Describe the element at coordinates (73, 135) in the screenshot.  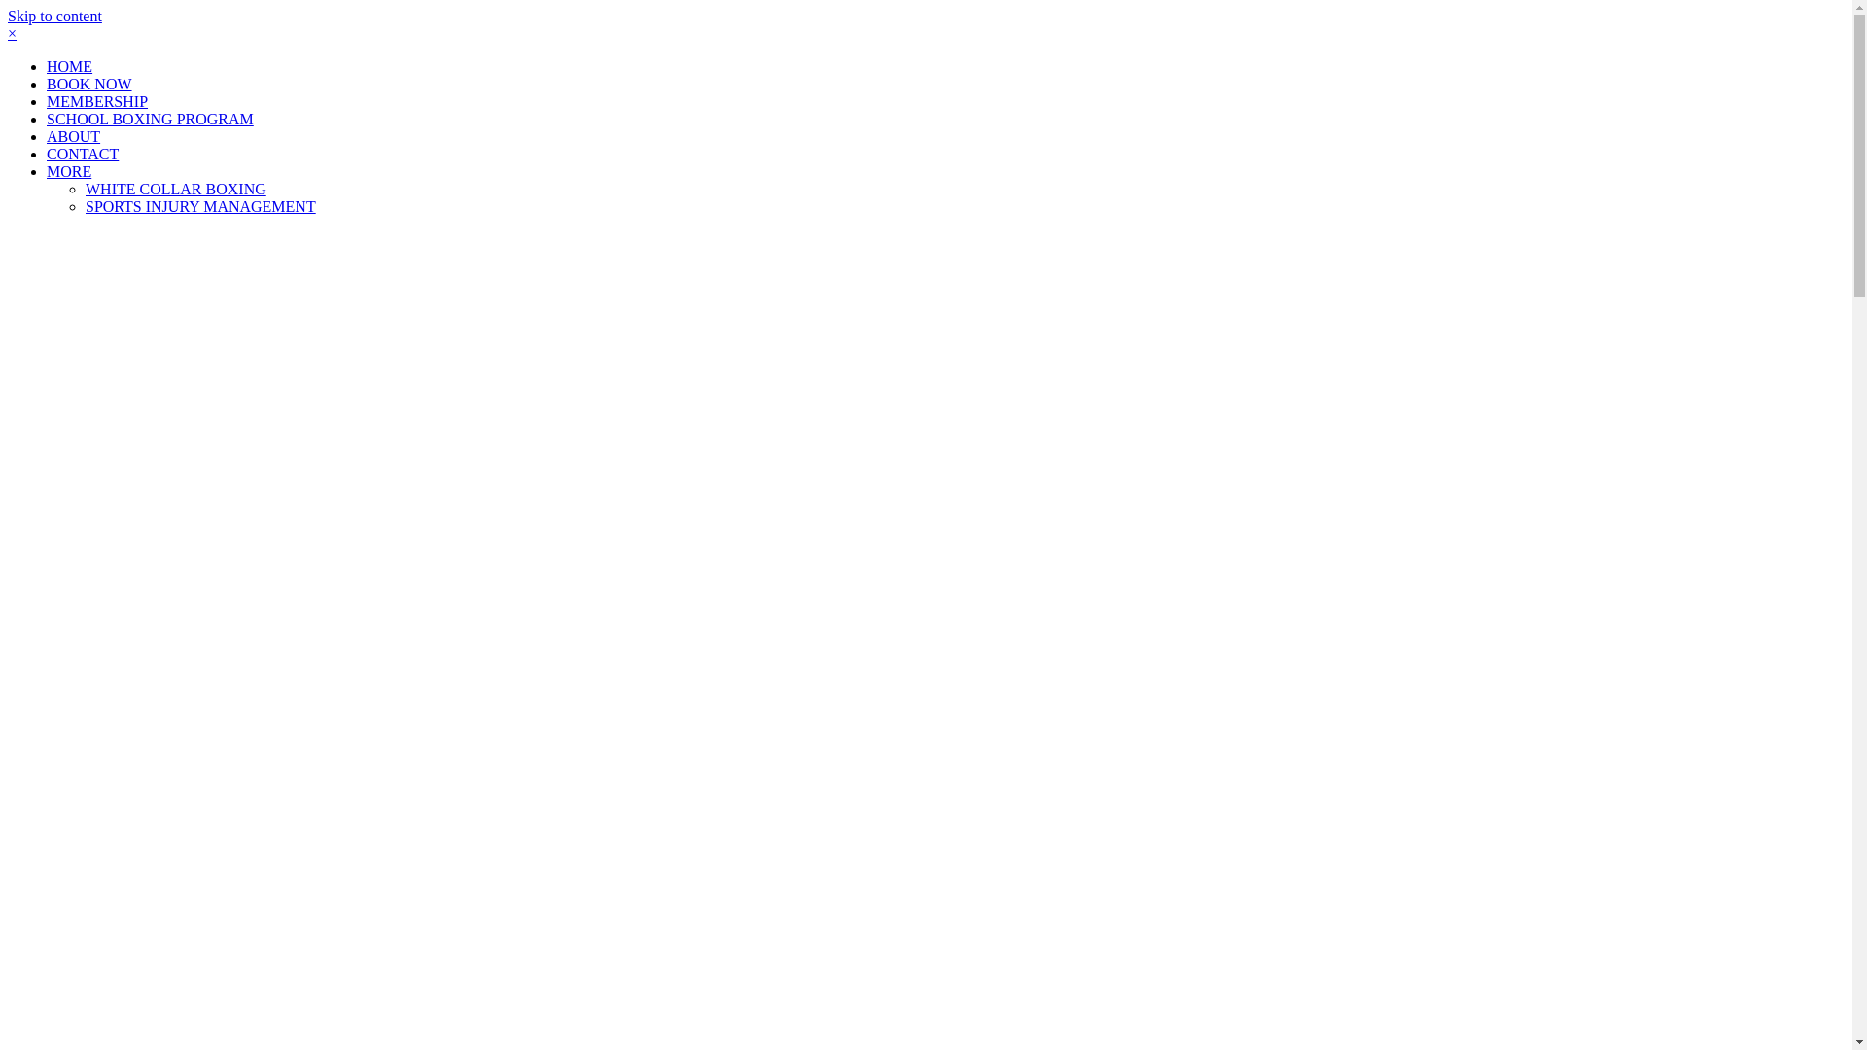
I see `'ABOUT'` at that location.